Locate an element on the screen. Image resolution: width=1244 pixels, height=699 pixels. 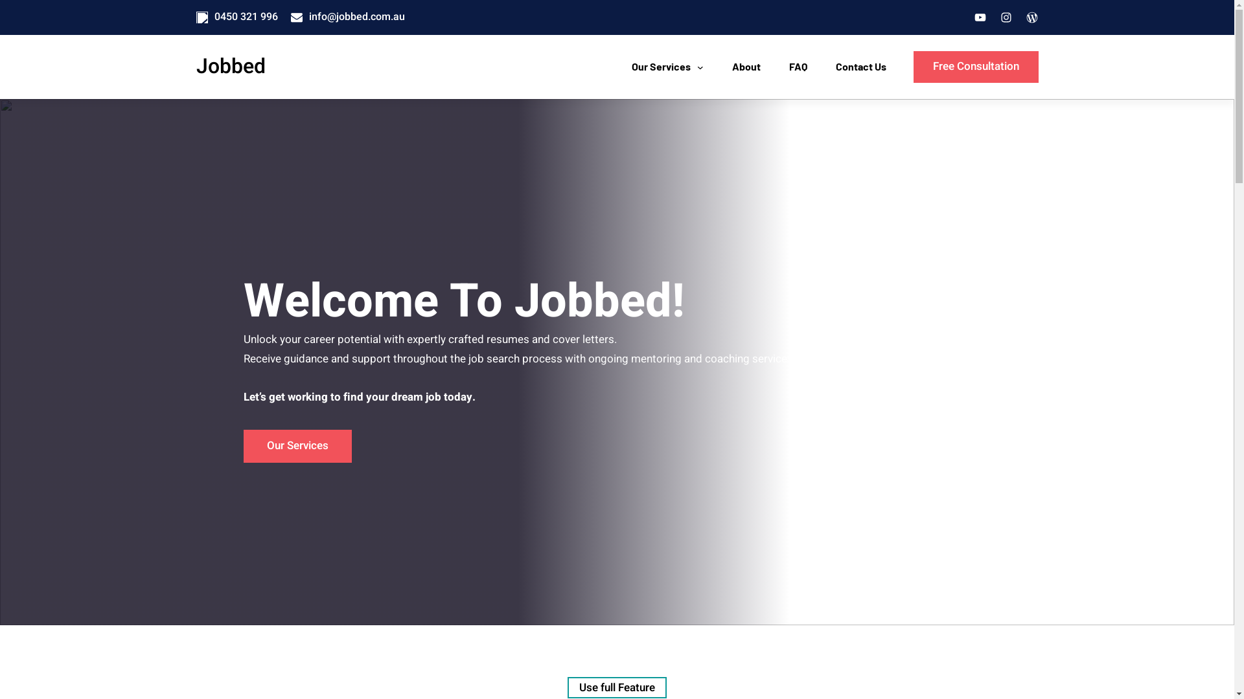
'Jobbed' is located at coordinates (230, 67).